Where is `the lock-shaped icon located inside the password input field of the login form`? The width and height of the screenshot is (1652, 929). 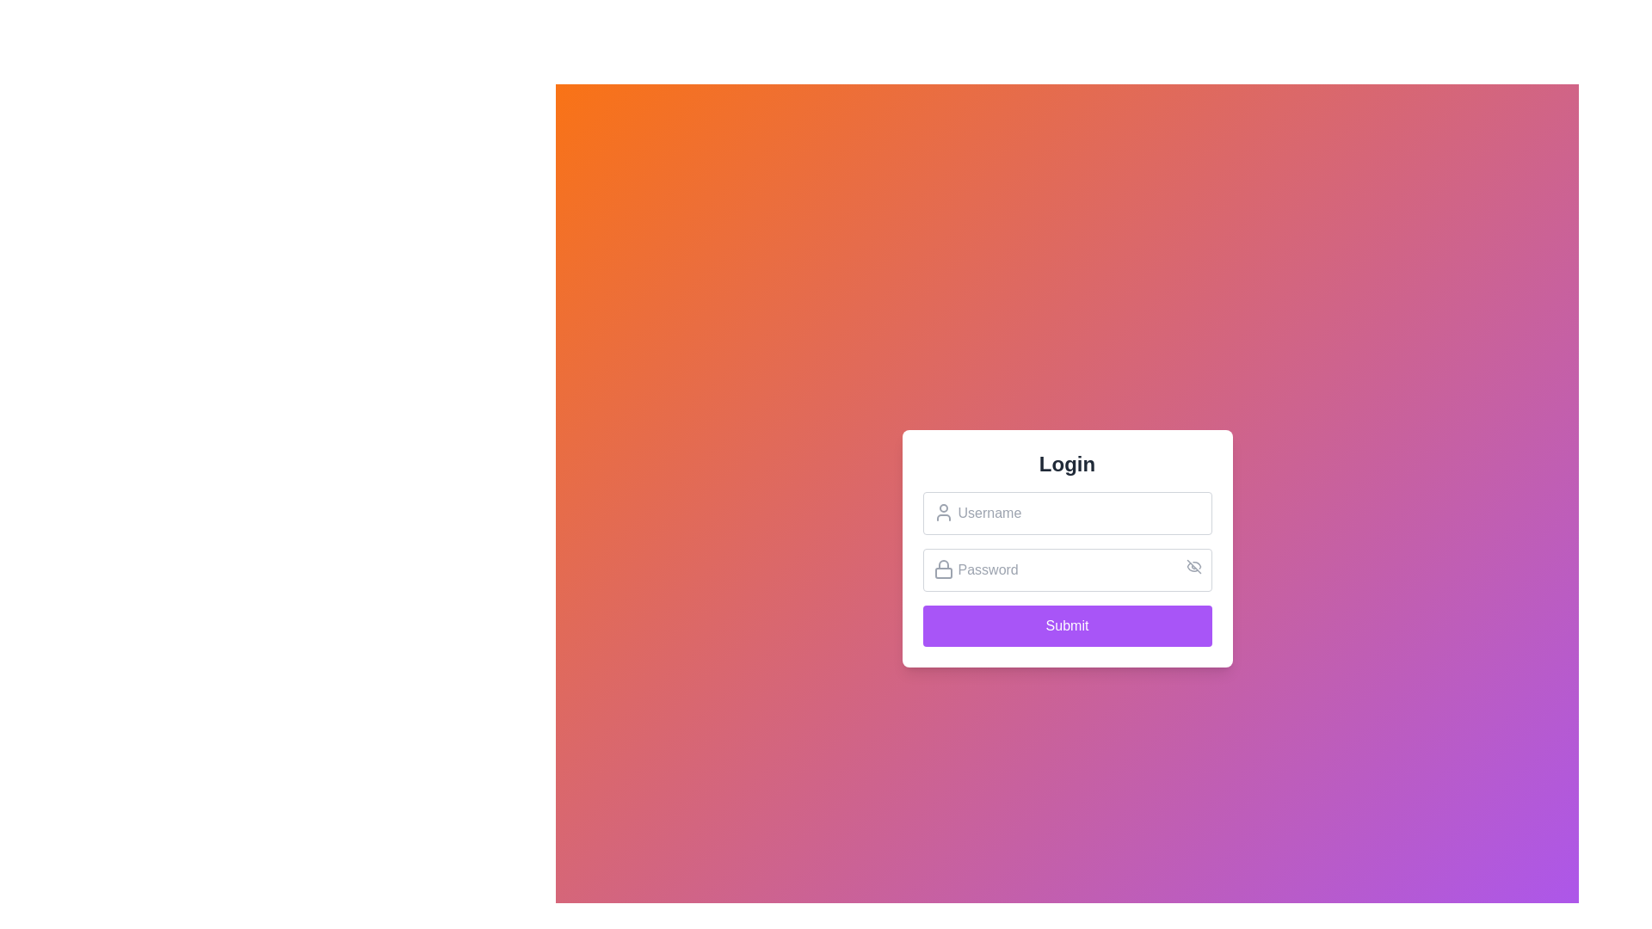 the lock-shaped icon located inside the password input field of the login form is located at coordinates (942, 564).